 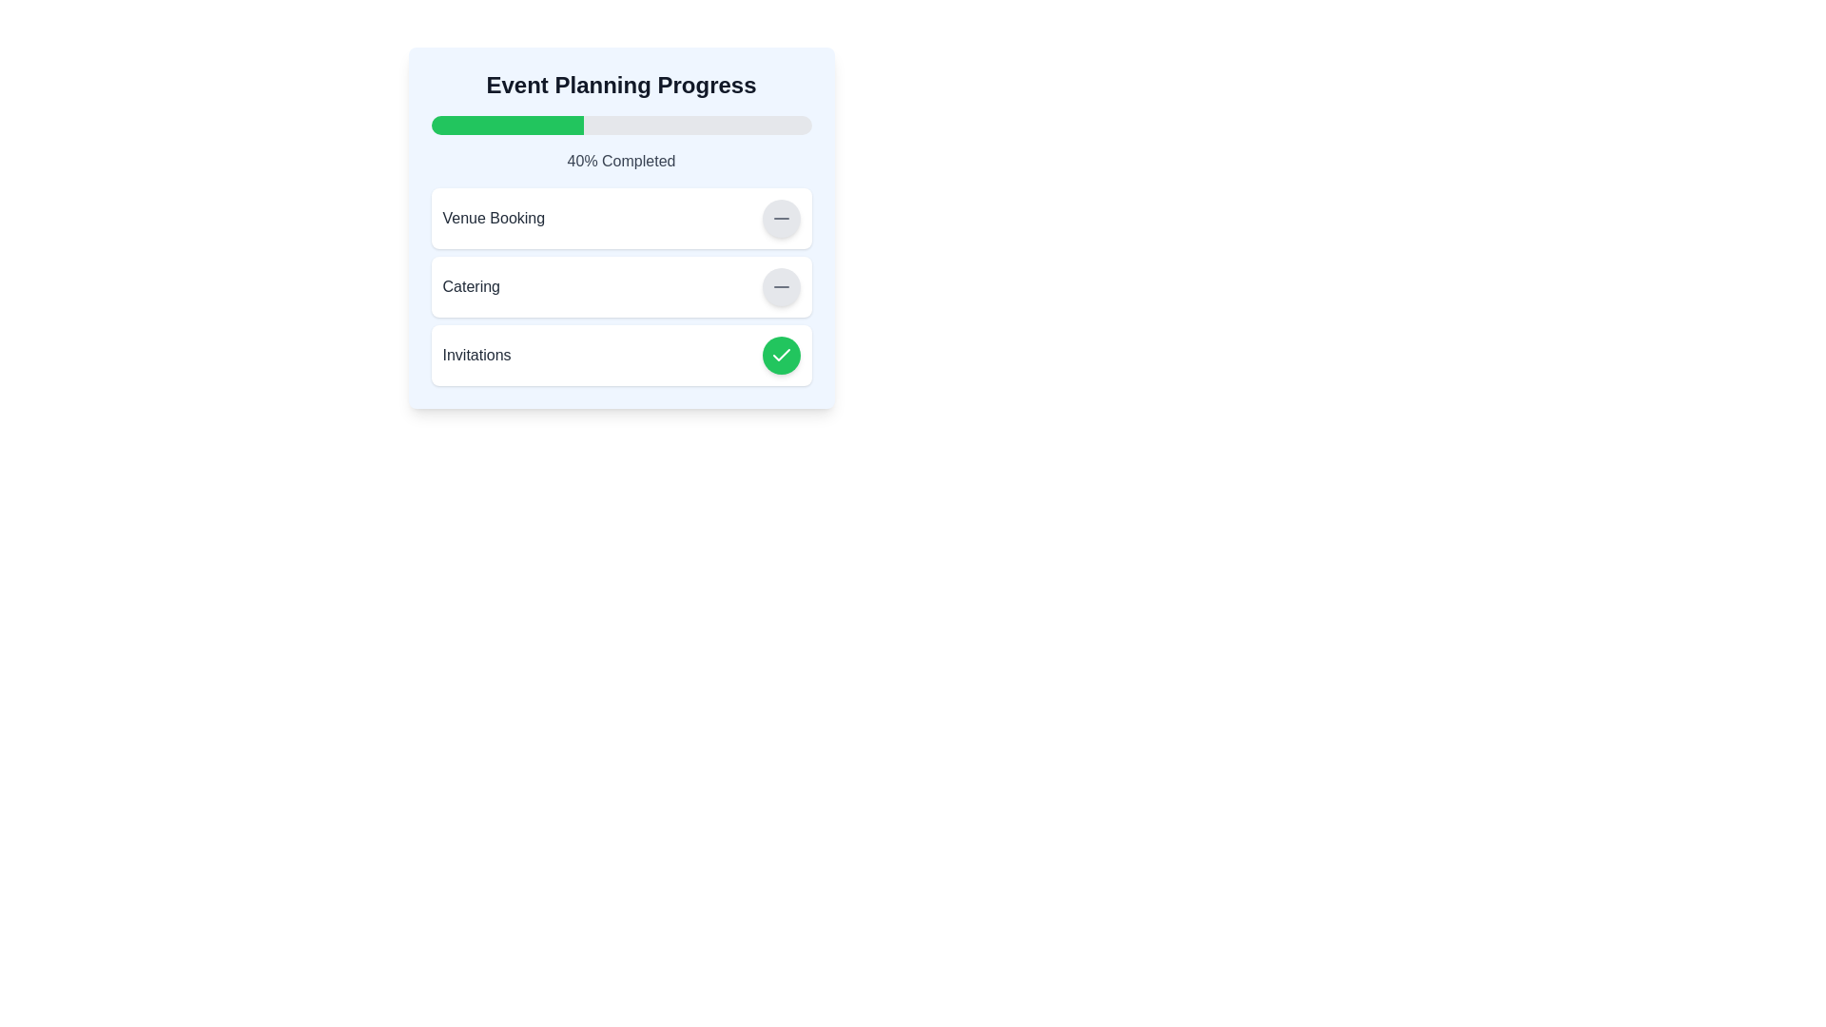 I want to click on the interactive button with a '-' symbol in the Venue Booking task list item, which is the first element in the vertical list, so click(x=621, y=218).